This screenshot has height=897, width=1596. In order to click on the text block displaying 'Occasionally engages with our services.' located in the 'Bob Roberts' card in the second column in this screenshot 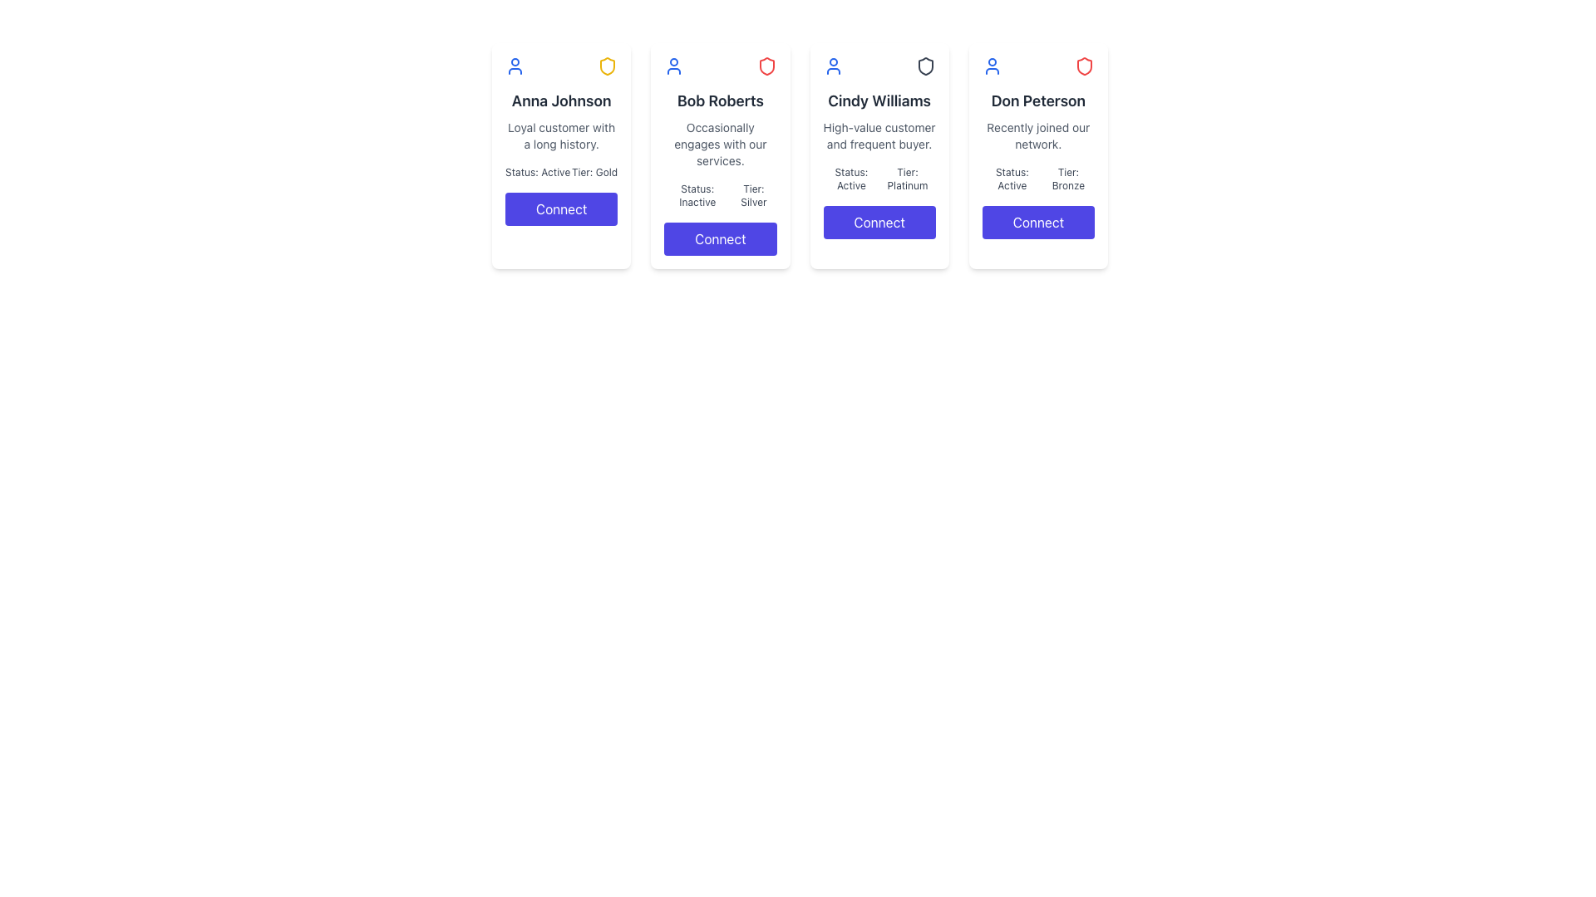, I will do `click(720, 143)`.